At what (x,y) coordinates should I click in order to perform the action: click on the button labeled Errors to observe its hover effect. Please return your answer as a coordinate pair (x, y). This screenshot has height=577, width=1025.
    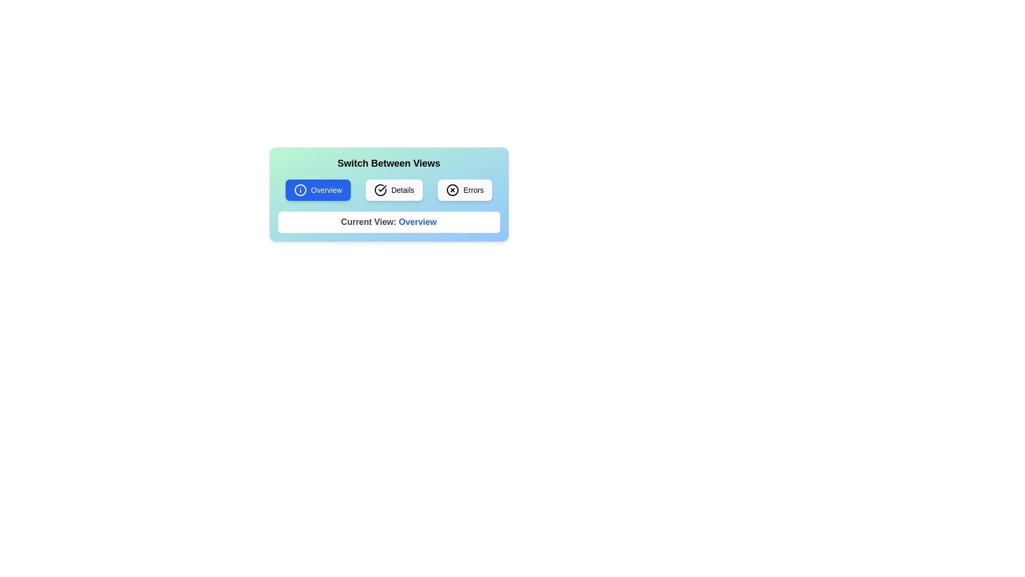
    Looking at the image, I should click on (465, 189).